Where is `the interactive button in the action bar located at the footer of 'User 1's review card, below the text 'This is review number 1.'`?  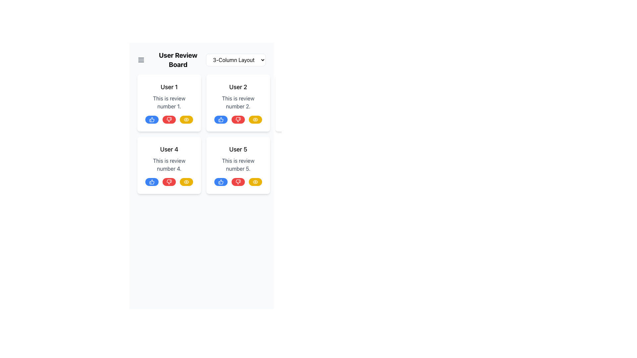 the interactive button in the action bar located at the footer of 'User 1's review card, below the text 'This is review number 1.' is located at coordinates (169, 120).